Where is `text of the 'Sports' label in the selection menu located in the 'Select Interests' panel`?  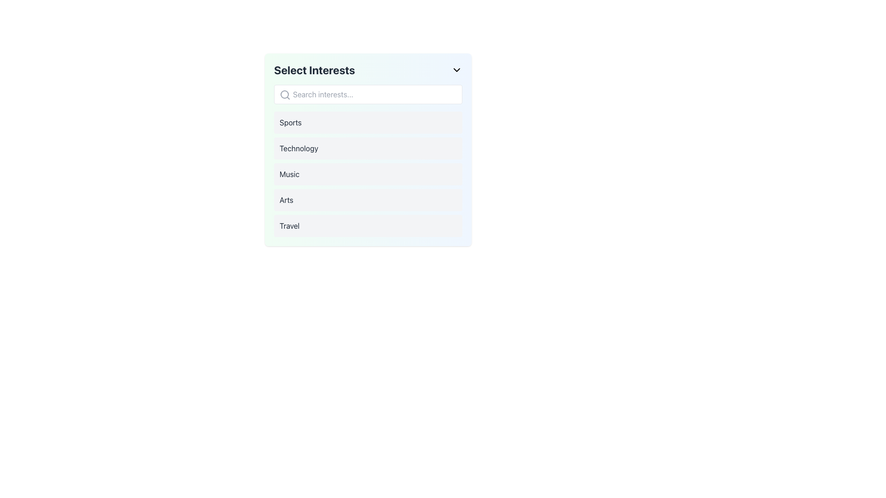 text of the 'Sports' label in the selection menu located in the 'Select Interests' panel is located at coordinates (290, 122).